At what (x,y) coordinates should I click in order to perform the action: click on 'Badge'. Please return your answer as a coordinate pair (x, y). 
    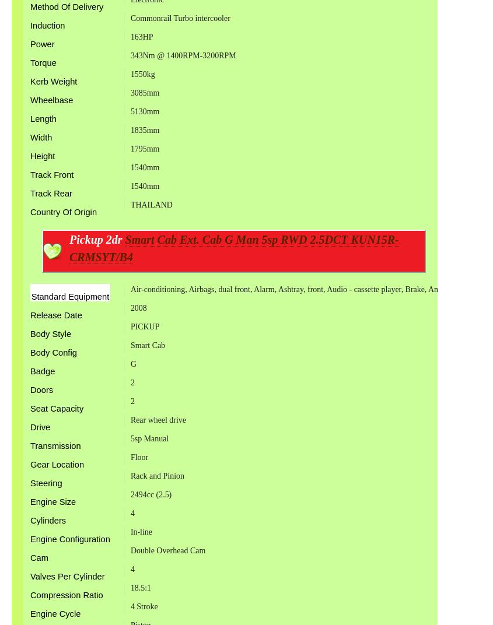
    Looking at the image, I should click on (42, 371).